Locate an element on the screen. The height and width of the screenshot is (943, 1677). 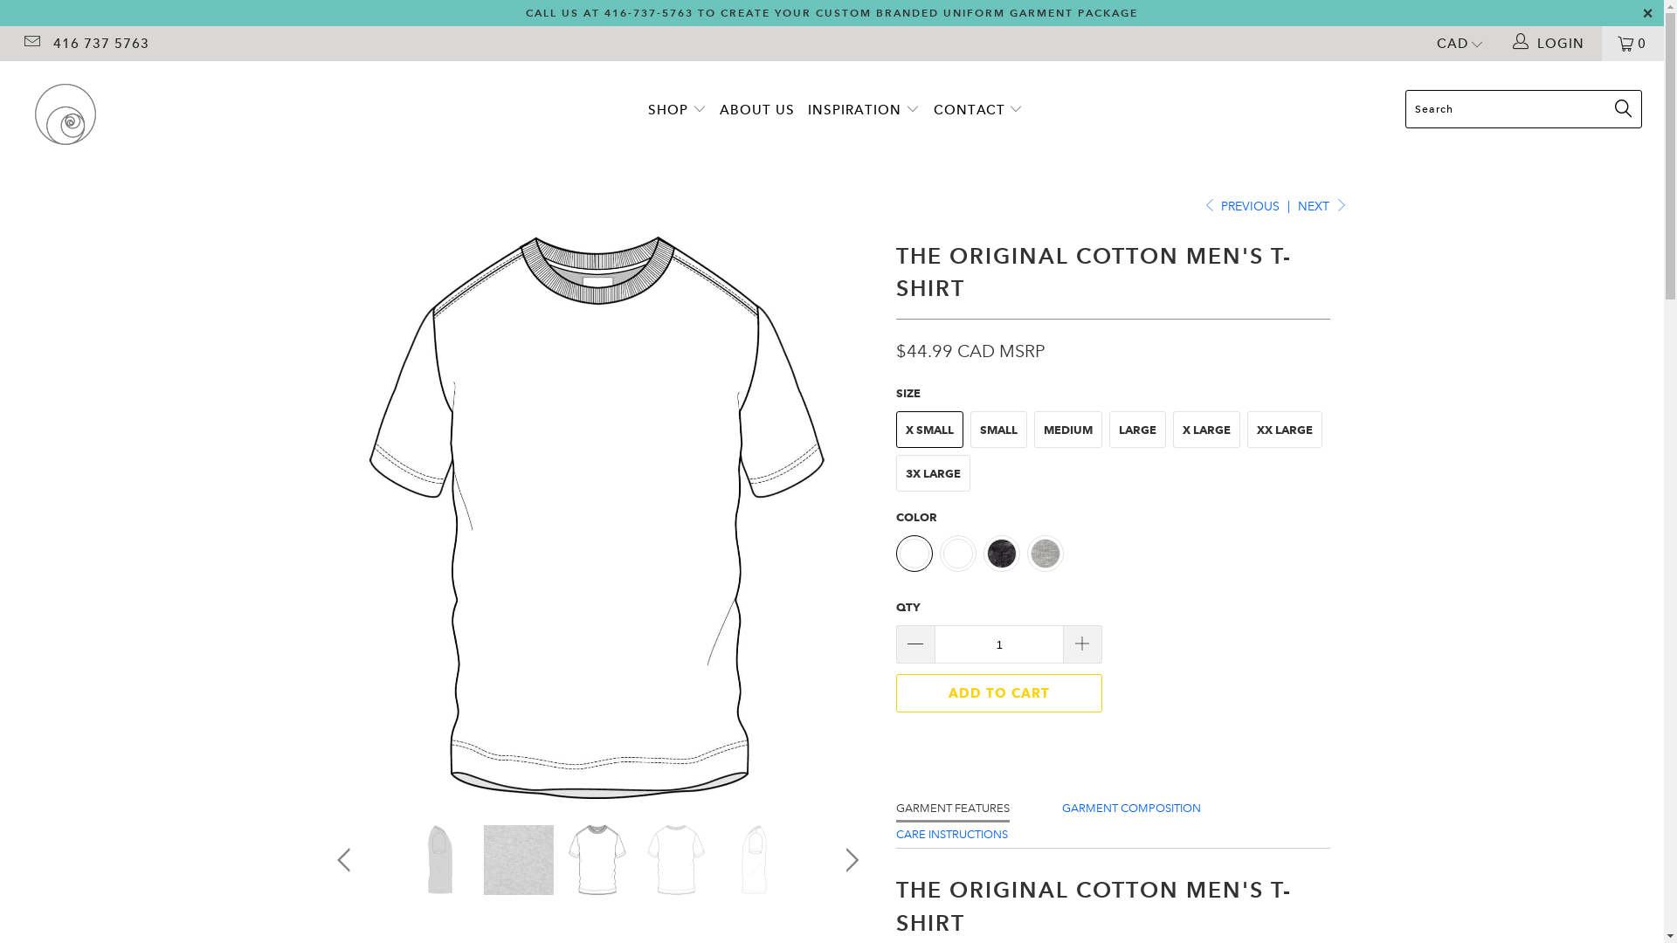
'CONTACT' is located at coordinates (978, 111).